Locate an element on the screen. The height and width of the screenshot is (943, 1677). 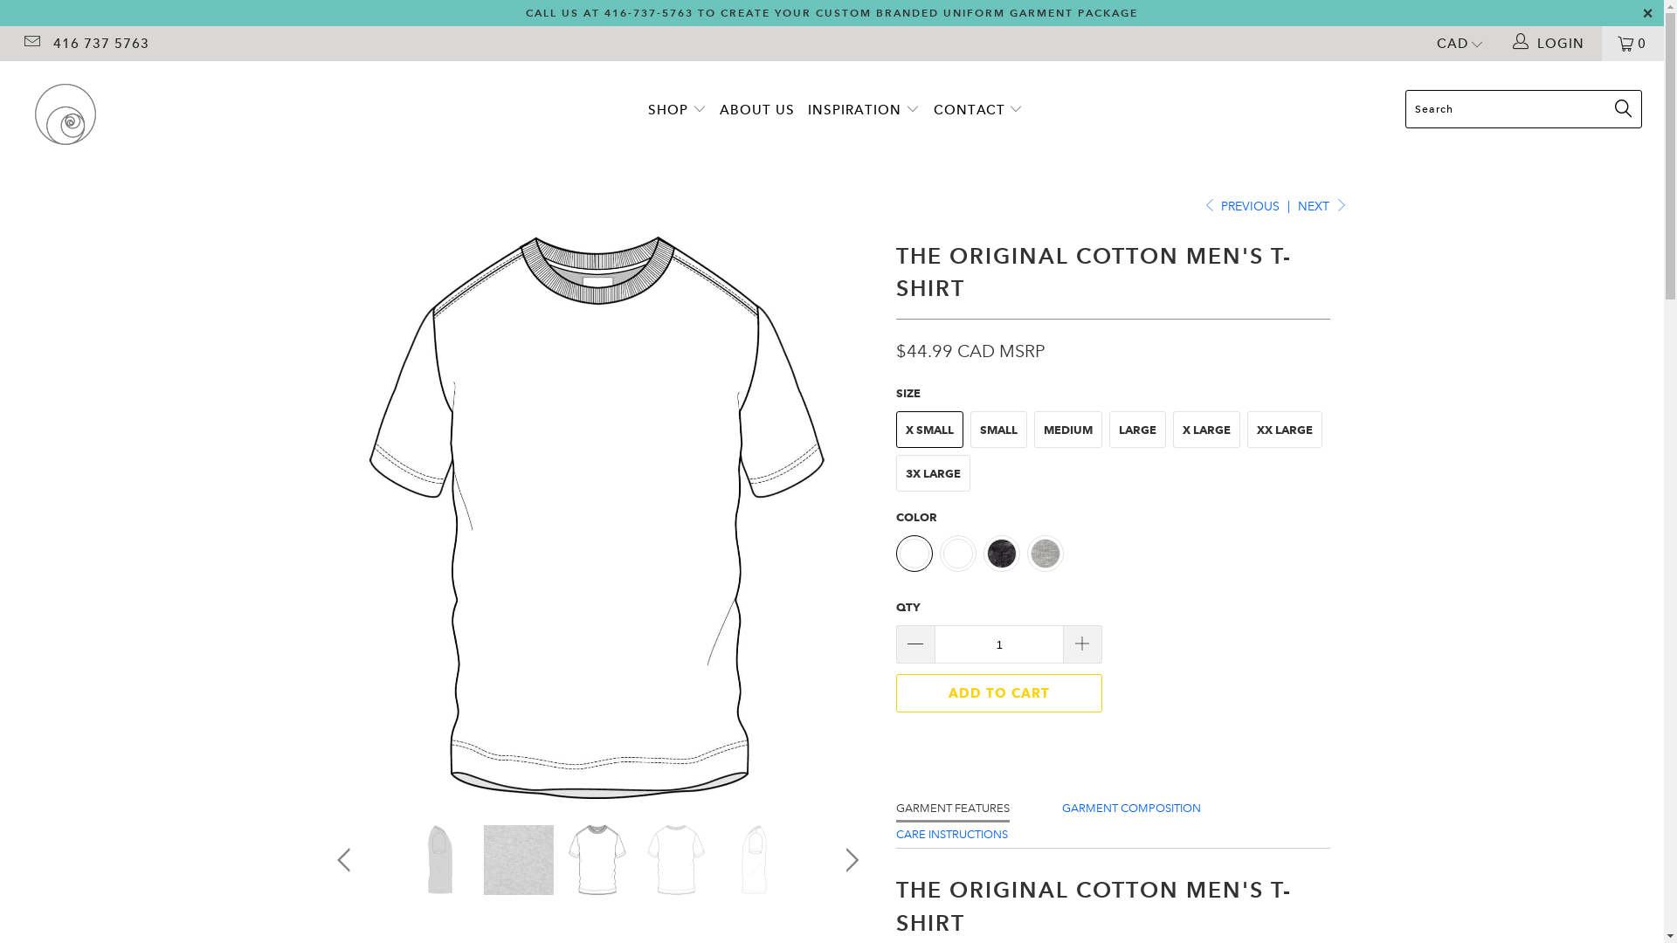
'CONTACT' is located at coordinates (978, 111).